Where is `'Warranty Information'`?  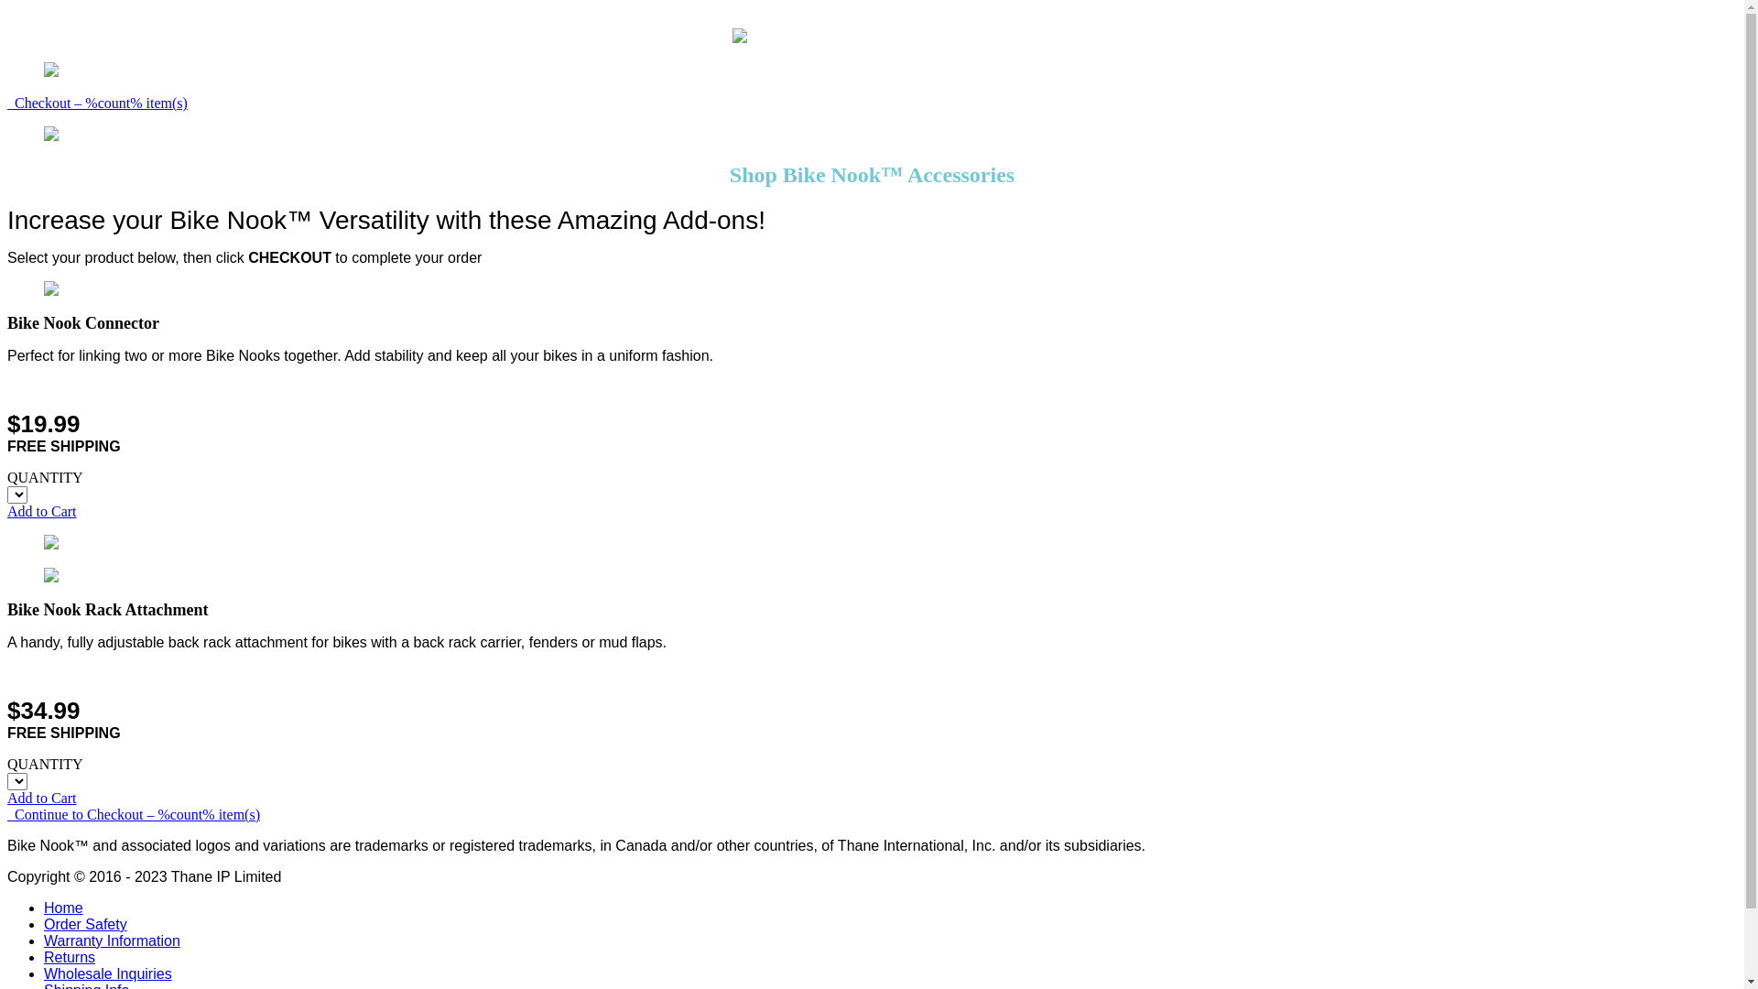 'Warranty Information' is located at coordinates (111, 940).